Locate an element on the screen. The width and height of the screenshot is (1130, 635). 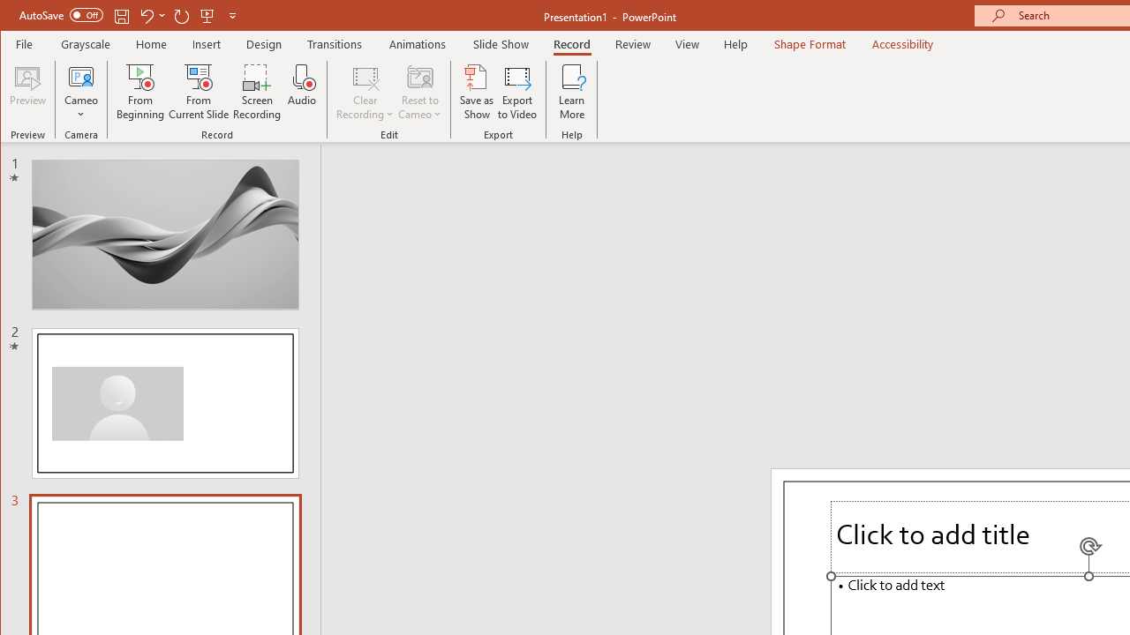
'Export to Video' is located at coordinates (516, 92).